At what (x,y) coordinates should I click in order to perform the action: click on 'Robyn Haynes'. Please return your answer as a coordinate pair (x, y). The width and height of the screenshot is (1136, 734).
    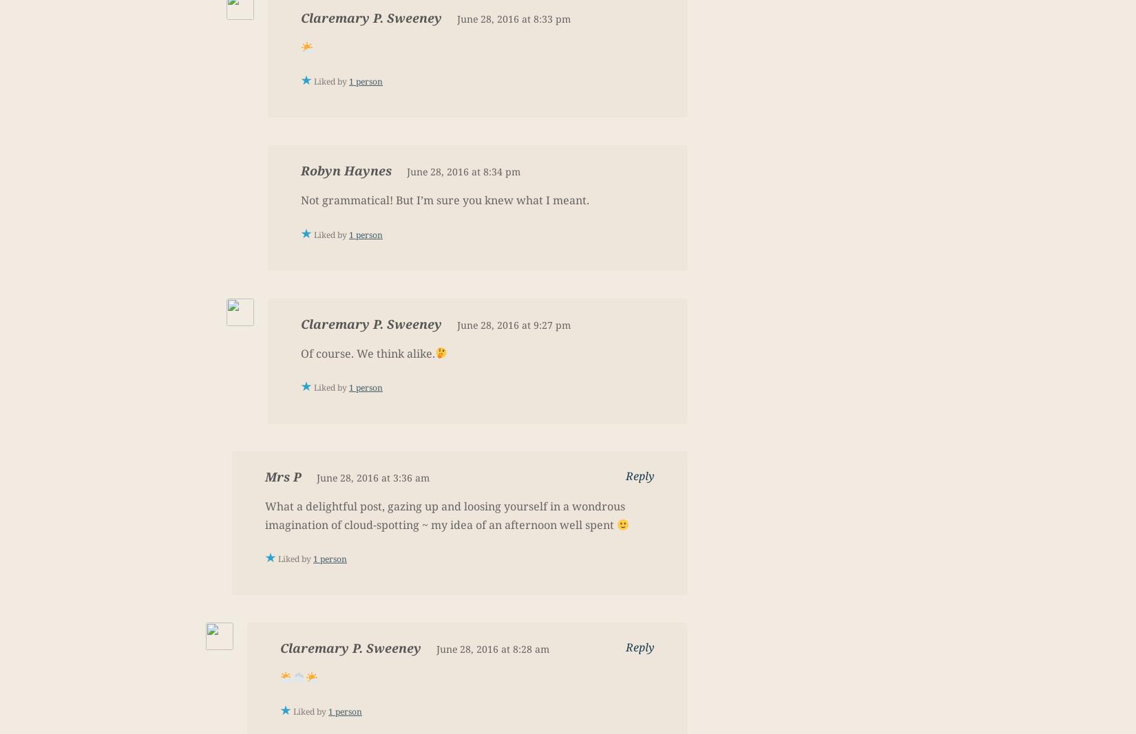
    Looking at the image, I should click on (345, 170).